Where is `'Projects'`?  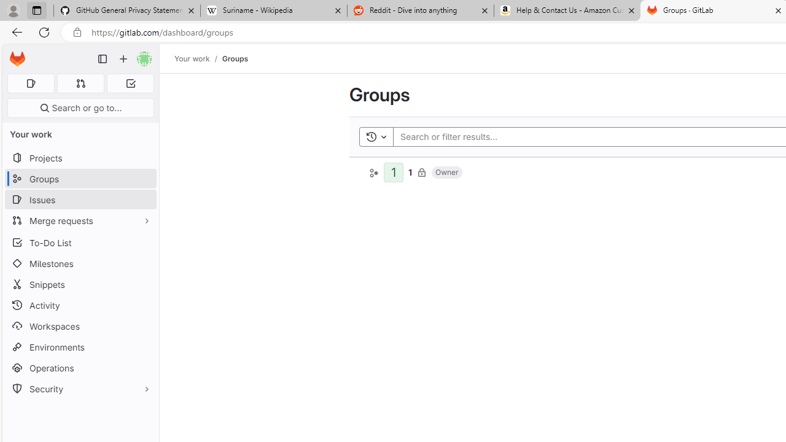 'Projects' is located at coordinates (80, 157).